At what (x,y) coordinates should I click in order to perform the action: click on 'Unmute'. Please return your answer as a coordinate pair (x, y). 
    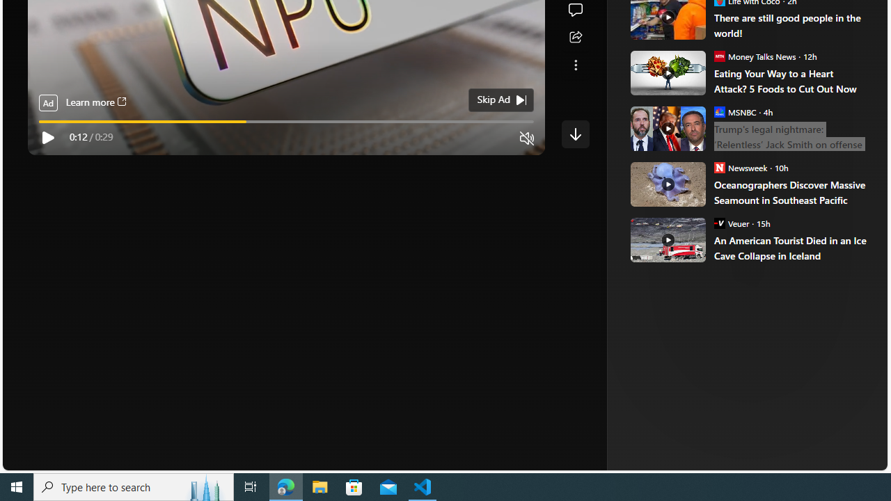
    Looking at the image, I should click on (526, 138).